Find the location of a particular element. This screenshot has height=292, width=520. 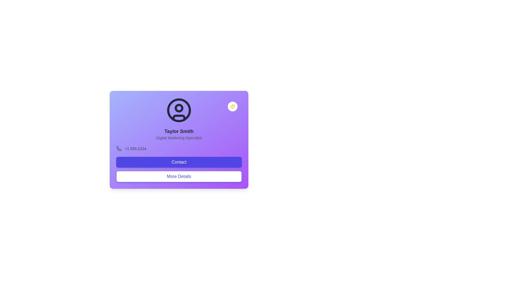

contact phone number displayed in the Information Display Box located beneath 'Digital Marketing Specialist' and above the 'Contact' button is located at coordinates (179, 149).